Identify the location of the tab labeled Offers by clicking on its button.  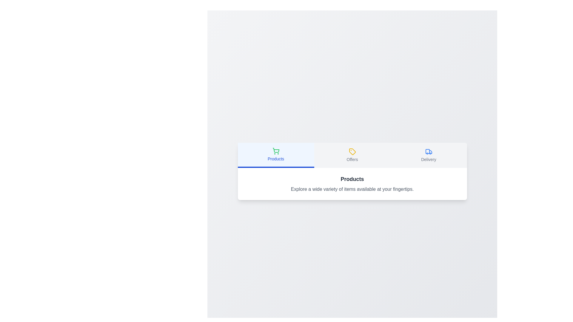
(352, 155).